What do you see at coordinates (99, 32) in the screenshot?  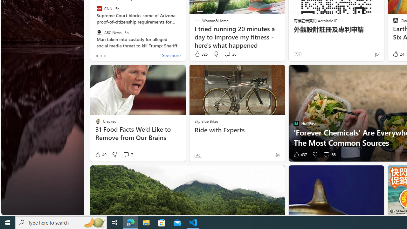 I see `'ABC News'` at bounding box center [99, 32].